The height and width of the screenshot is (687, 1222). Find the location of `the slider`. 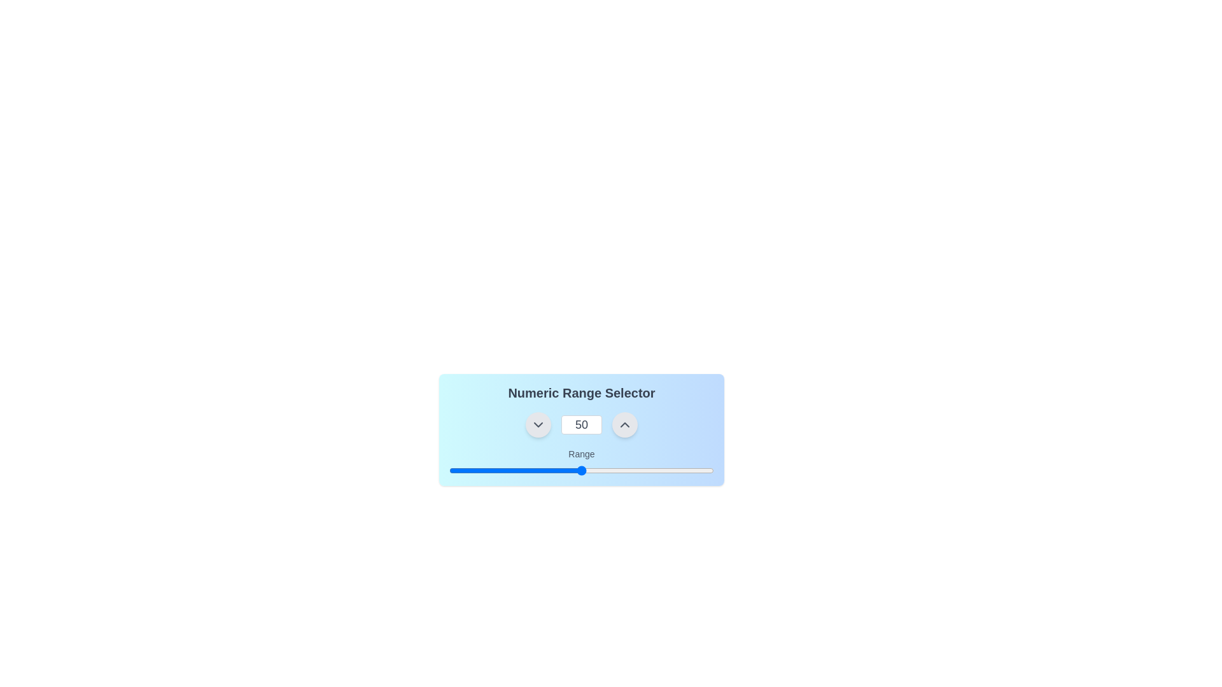

the slider is located at coordinates (496, 471).